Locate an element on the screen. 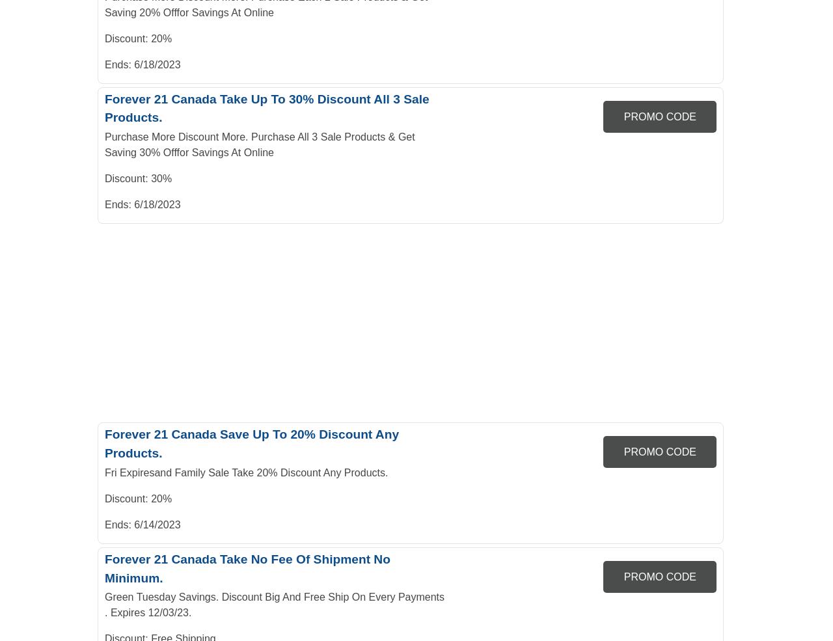 The height and width of the screenshot is (641, 833). 'Forever 21 Canada Save Up To 20% Discount Any Products.' is located at coordinates (251, 443).